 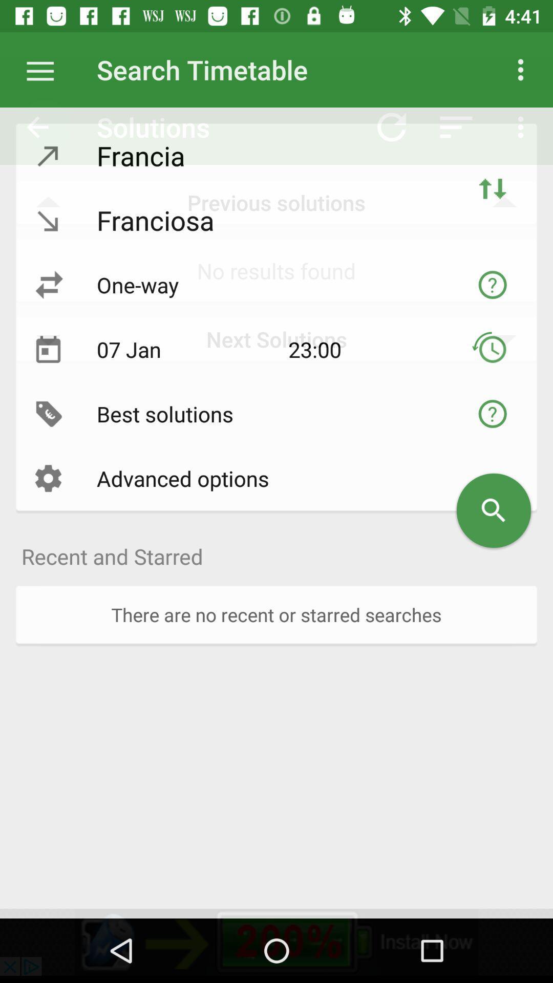 I want to click on click menu icon, so click(x=45, y=69).